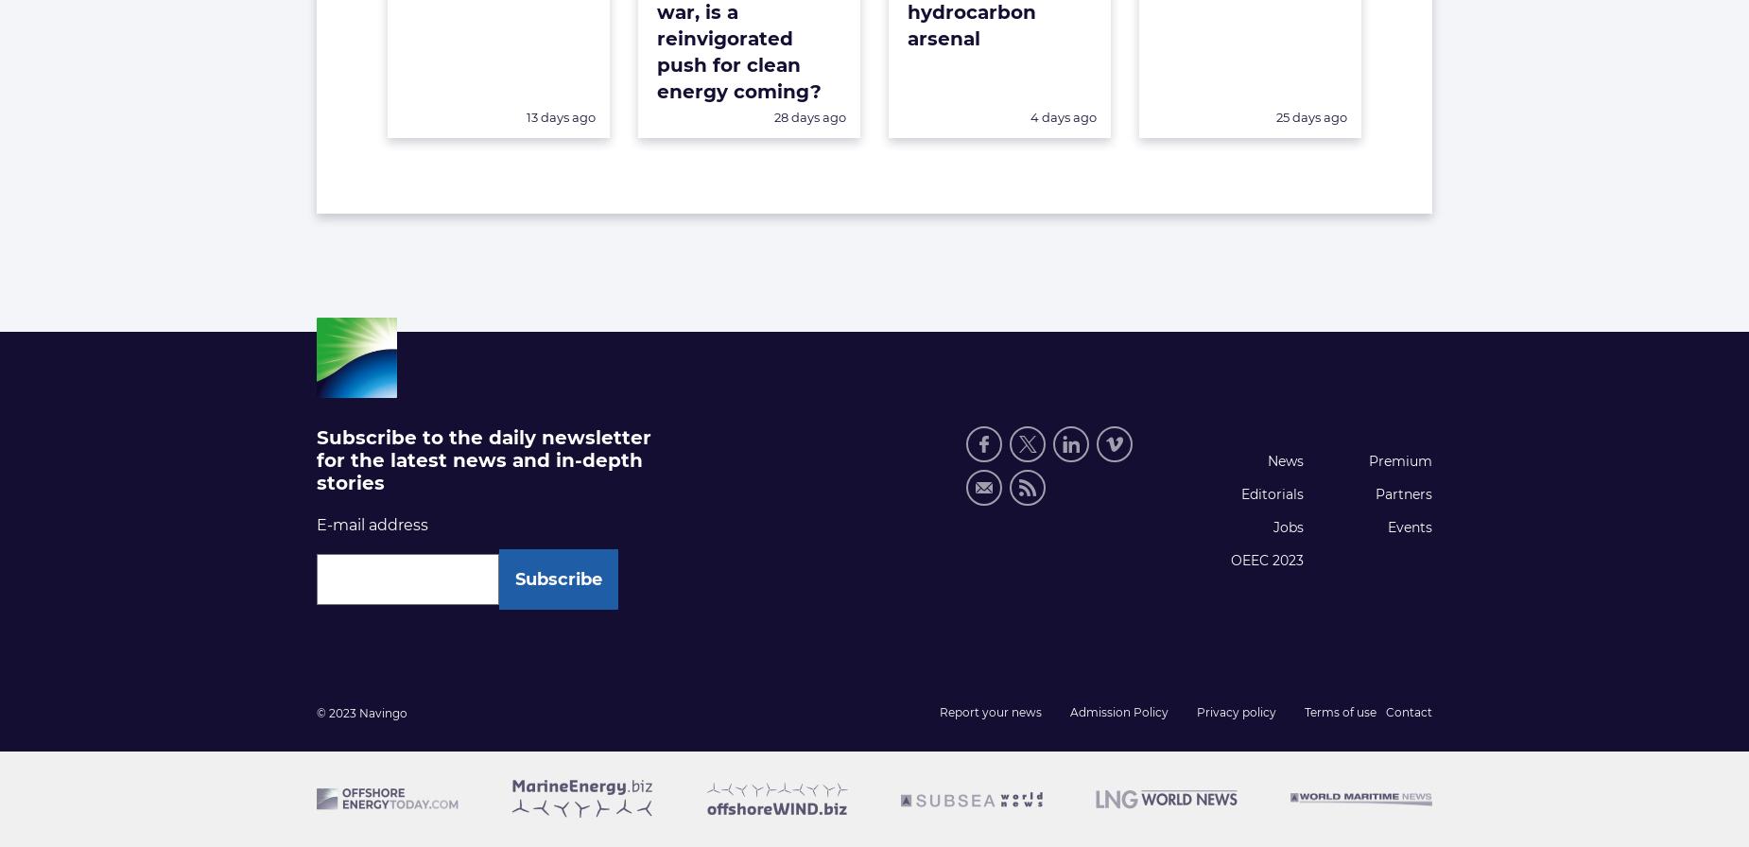 This screenshot has width=1749, height=847. What do you see at coordinates (1409, 712) in the screenshot?
I see `'Contact'` at bounding box center [1409, 712].